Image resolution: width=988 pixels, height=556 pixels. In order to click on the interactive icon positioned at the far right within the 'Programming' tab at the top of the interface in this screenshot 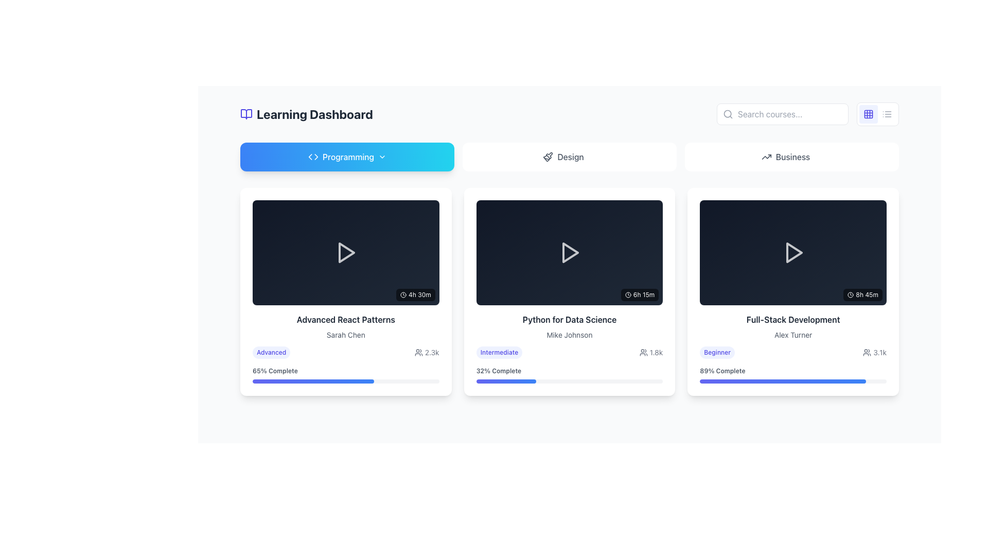, I will do `click(382, 157)`.